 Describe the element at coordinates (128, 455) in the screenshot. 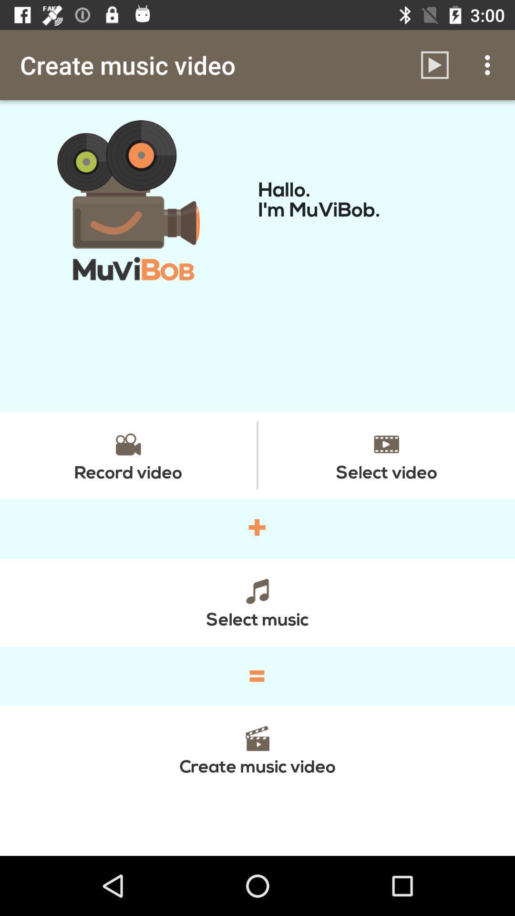

I see `the record video item` at that location.